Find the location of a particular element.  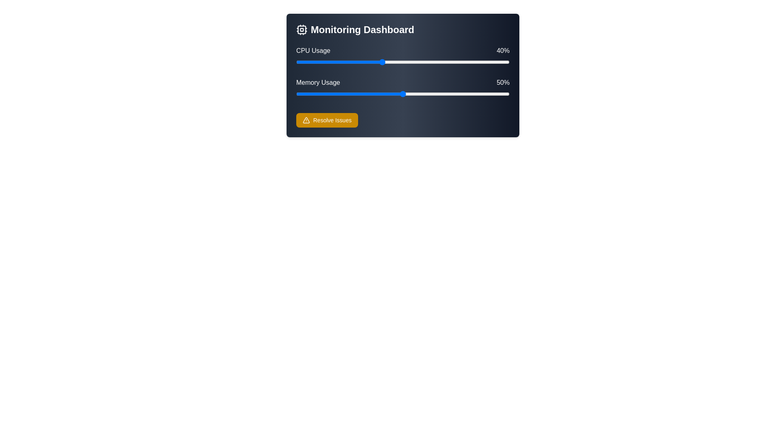

the Text label that displays the CPU usage percentage, located to the right of the 'CPU Usage' label in the 'Monitoring Dashboard' section is located at coordinates (502, 51).